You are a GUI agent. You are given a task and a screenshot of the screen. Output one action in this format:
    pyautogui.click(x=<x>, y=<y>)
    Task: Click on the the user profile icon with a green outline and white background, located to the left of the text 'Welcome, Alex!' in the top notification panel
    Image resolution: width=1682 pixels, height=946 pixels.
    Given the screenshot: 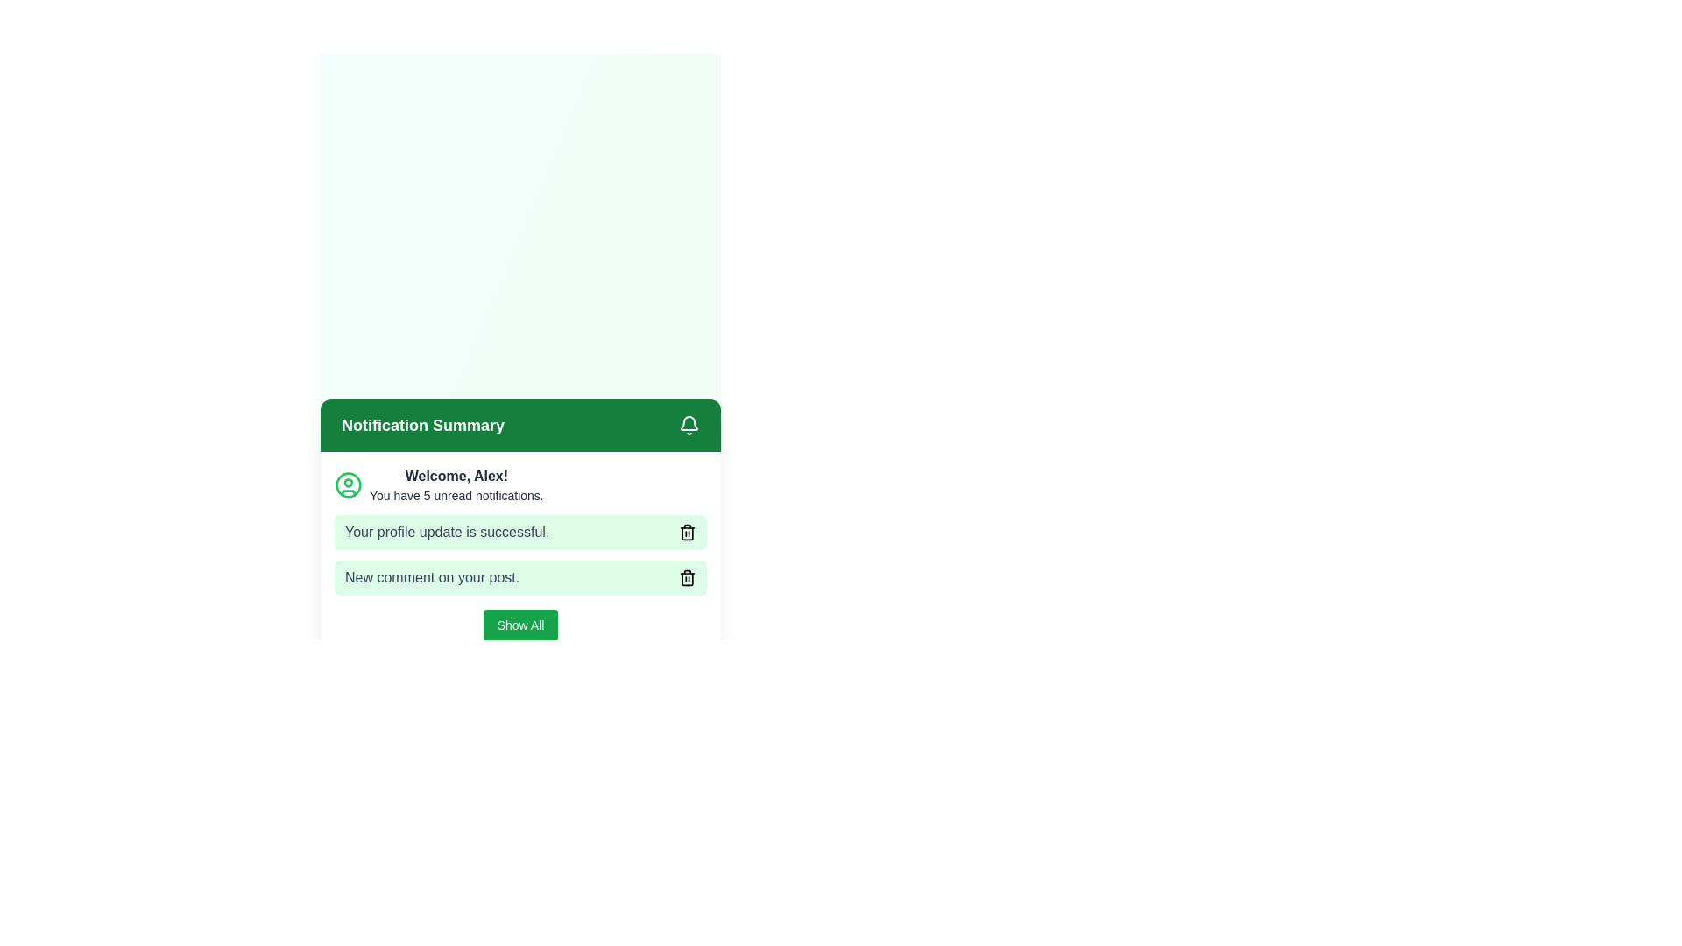 What is the action you would take?
    pyautogui.click(x=349, y=485)
    